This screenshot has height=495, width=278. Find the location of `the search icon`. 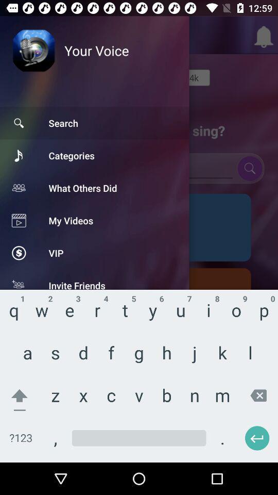

the search icon is located at coordinates (249, 168).